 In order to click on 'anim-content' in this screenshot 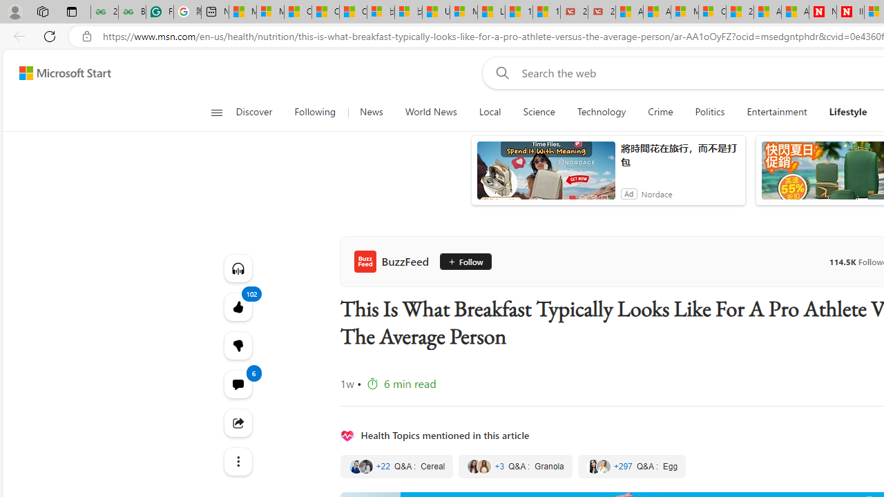, I will do `click(545, 175)`.